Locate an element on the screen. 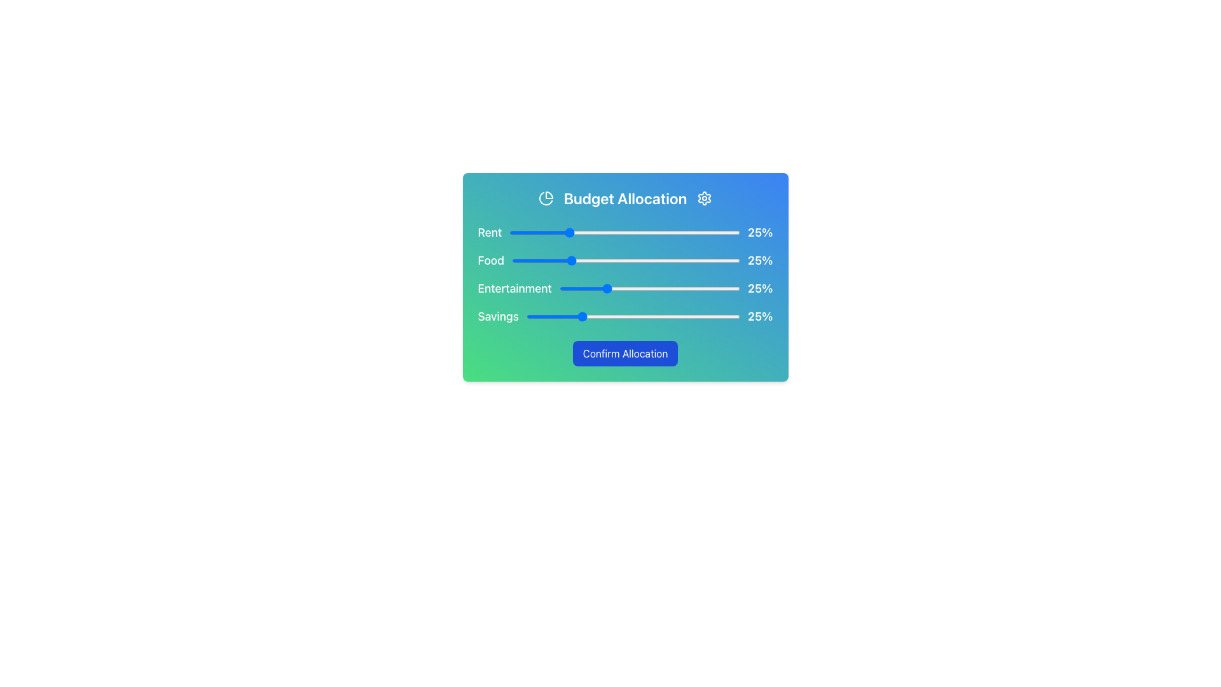 This screenshot has height=687, width=1221. the slider value is located at coordinates (647, 233).